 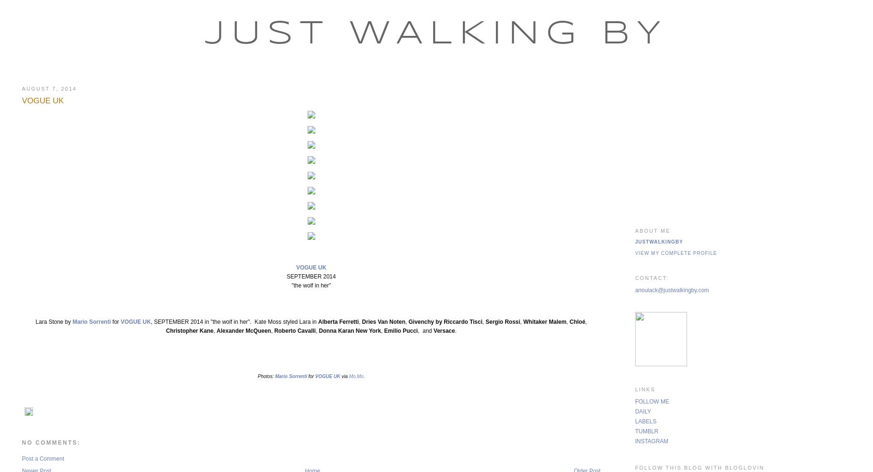 I want to click on 'Photos:', so click(x=266, y=376).